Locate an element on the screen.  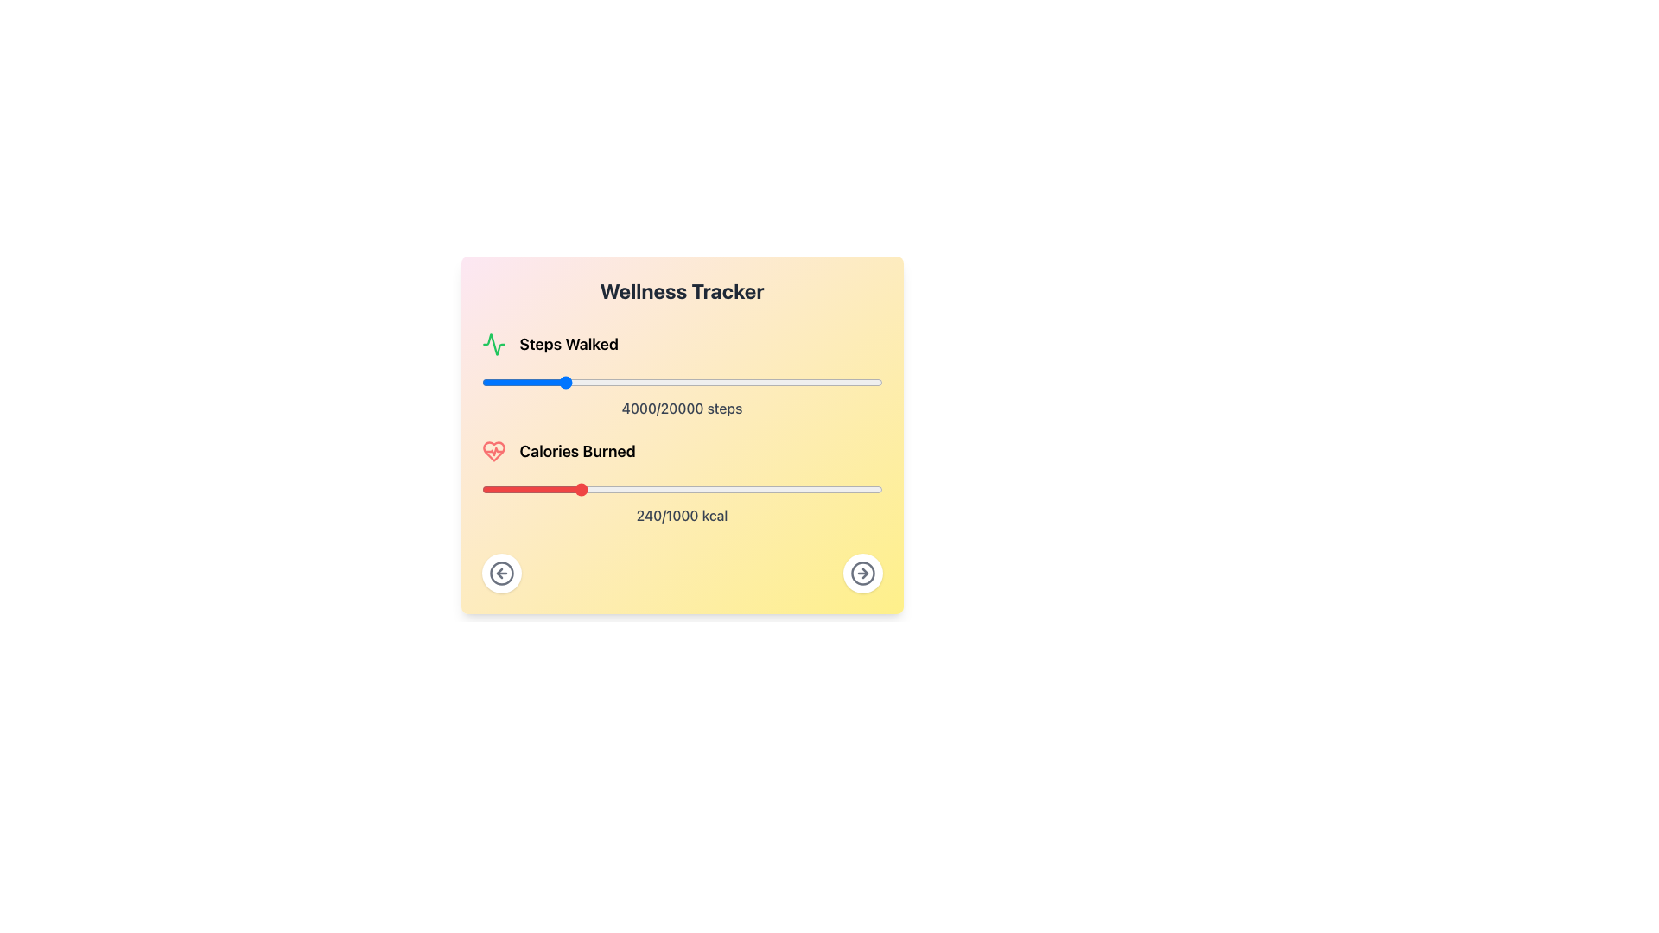
the Text Label displaying '240/1000 kcal' located below the progress bar for calorie tracking in the 'Calories Burned' section is located at coordinates (681, 515).